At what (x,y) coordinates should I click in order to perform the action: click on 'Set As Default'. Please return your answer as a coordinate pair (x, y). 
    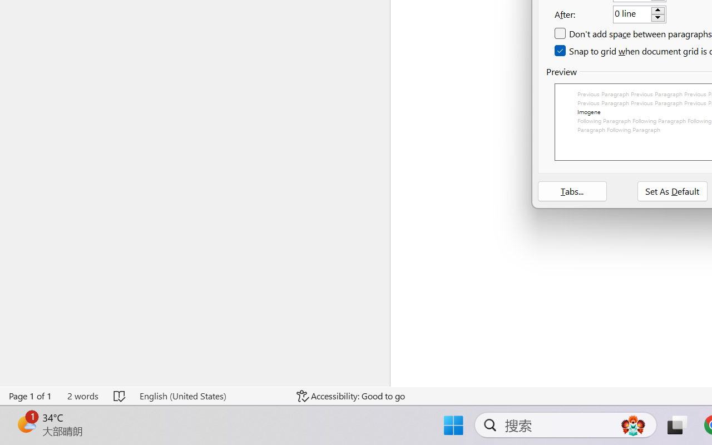
    Looking at the image, I should click on (672, 191).